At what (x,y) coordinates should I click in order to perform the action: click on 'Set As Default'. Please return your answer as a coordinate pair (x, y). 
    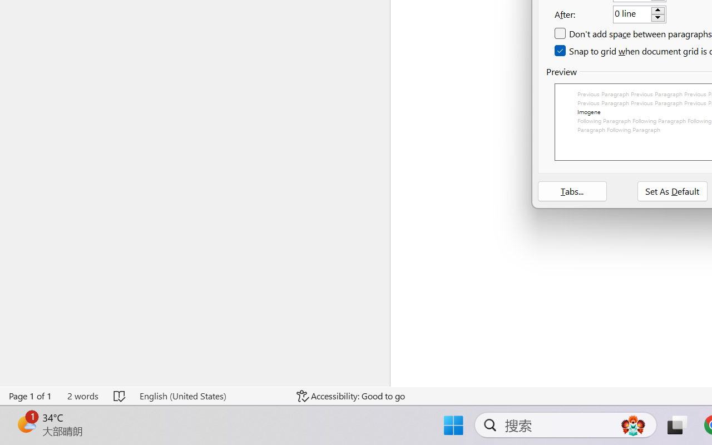
    Looking at the image, I should click on (672, 191).